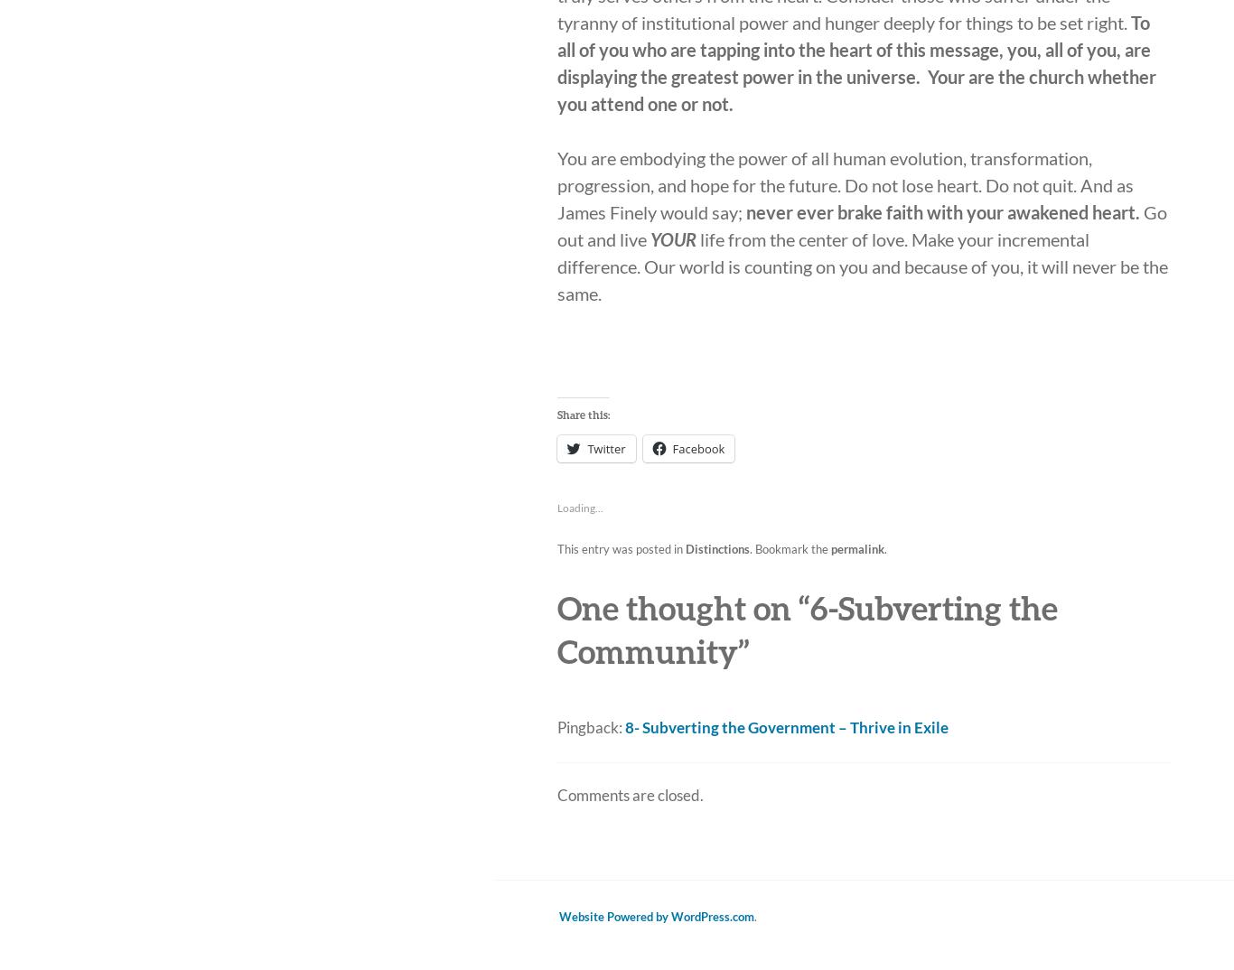  I want to click on '6-Subverting the Community', so click(807, 629).